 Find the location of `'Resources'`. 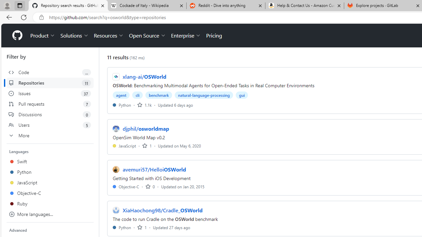

'Resources' is located at coordinates (109, 36).